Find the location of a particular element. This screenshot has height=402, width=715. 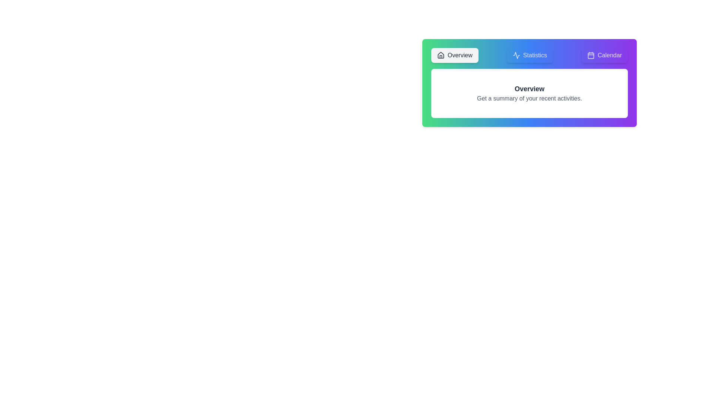

the tab labeled Overview is located at coordinates (454, 55).